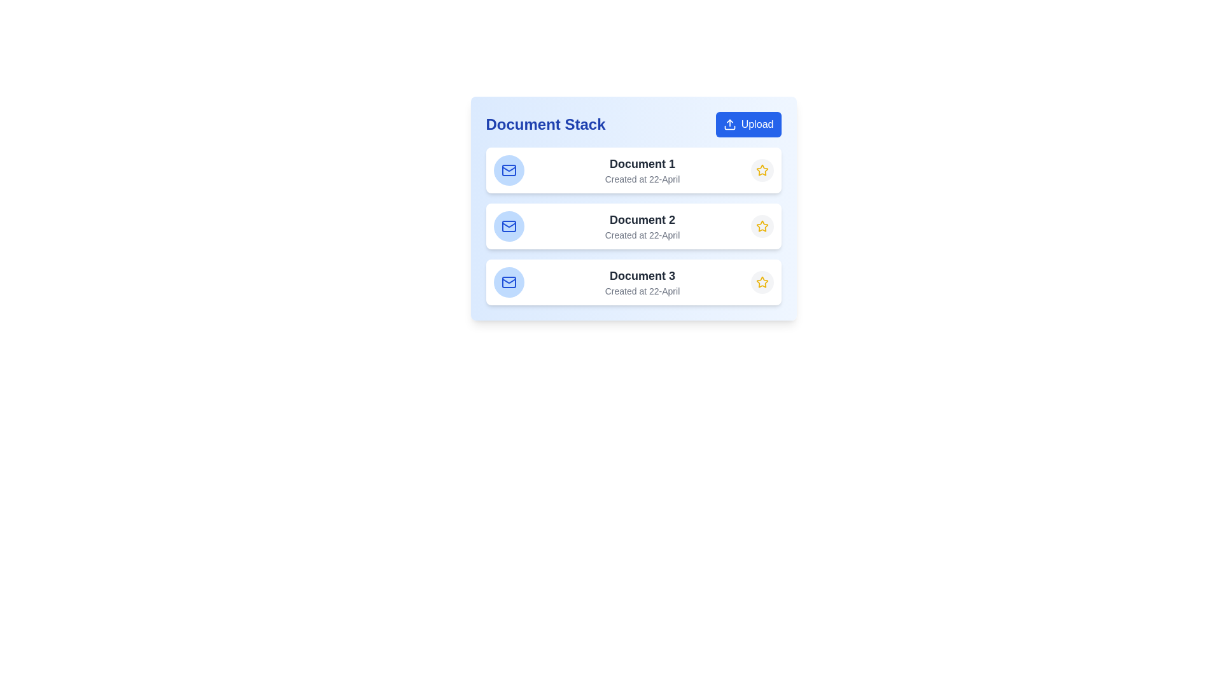 This screenshot has height=687, width=1222. I want to click on the text label displaying 'Document 2' in bold, dark gray color, so click(642, 219).